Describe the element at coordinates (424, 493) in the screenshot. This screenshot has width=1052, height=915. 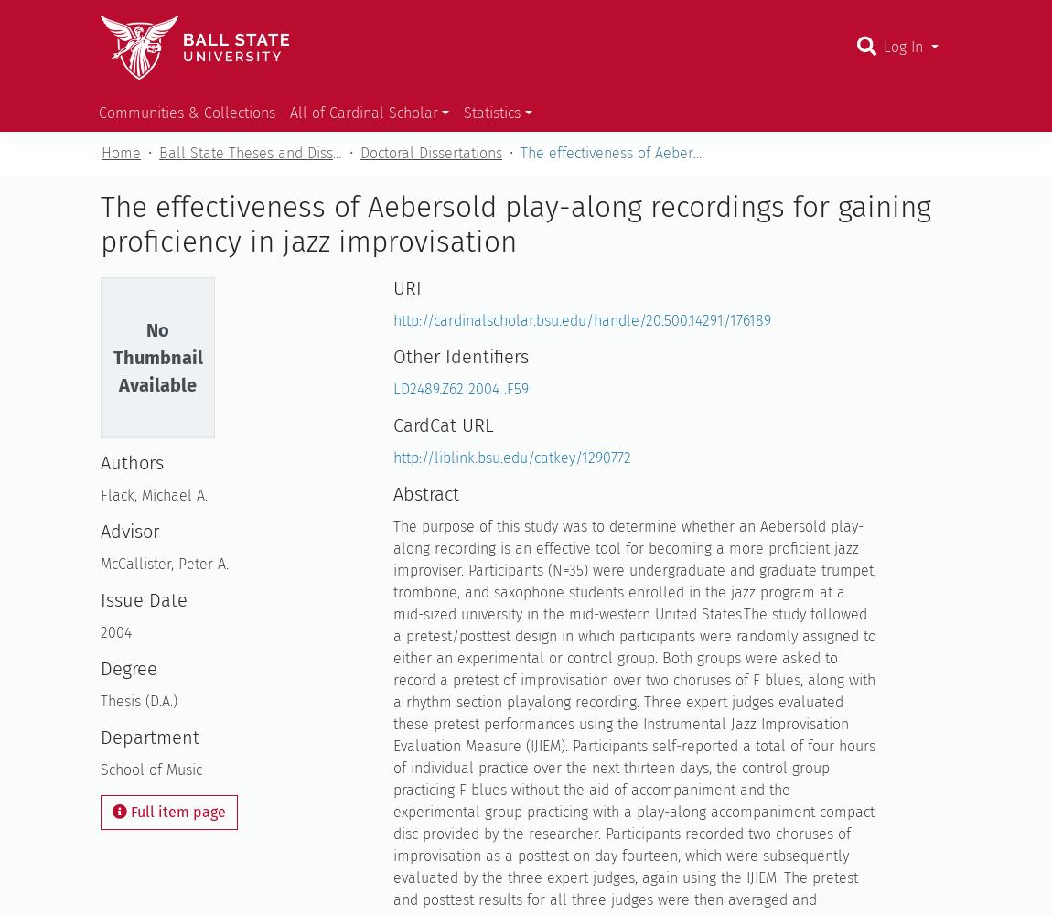
I see `'Abstract'` at that location.